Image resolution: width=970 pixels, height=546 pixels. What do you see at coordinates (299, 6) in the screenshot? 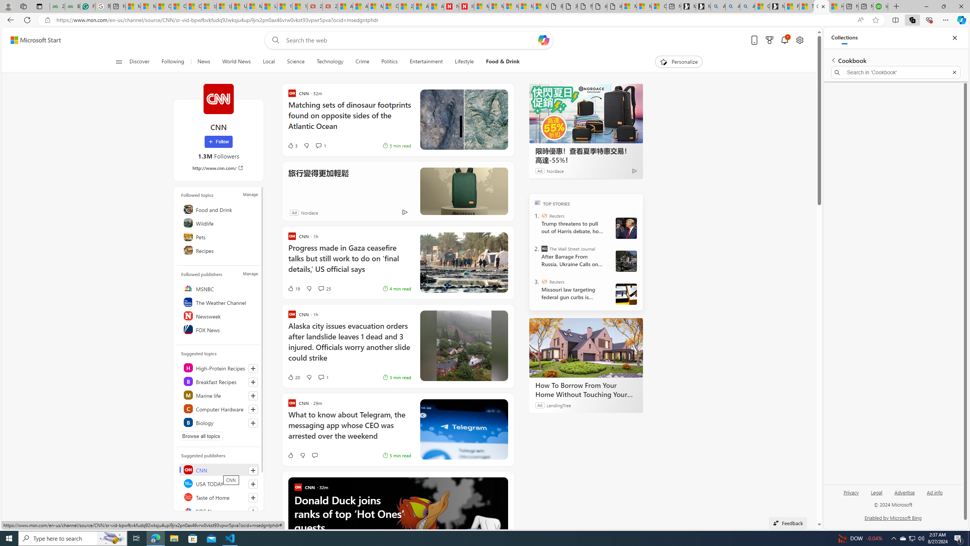
I see `'15 Ways Modern Life Contradicts the Teachings of Jesus'` at bounding box center [299, 6].